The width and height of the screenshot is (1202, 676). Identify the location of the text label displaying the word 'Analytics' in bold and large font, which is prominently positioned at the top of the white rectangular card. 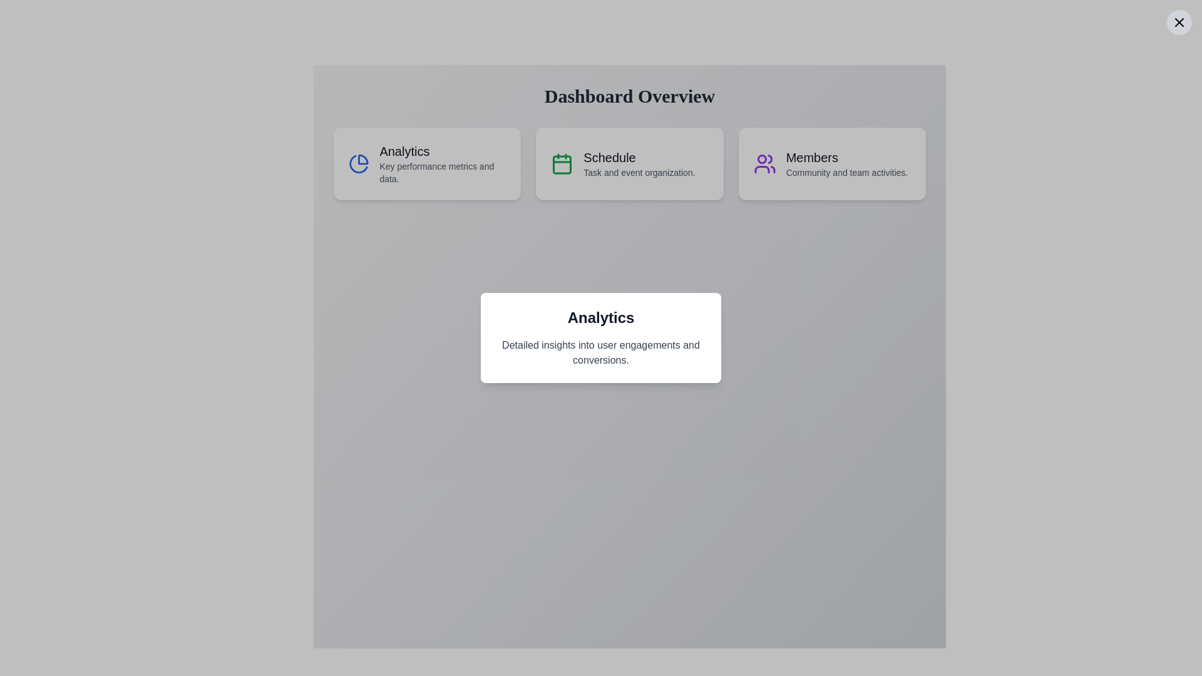
(601, 317).